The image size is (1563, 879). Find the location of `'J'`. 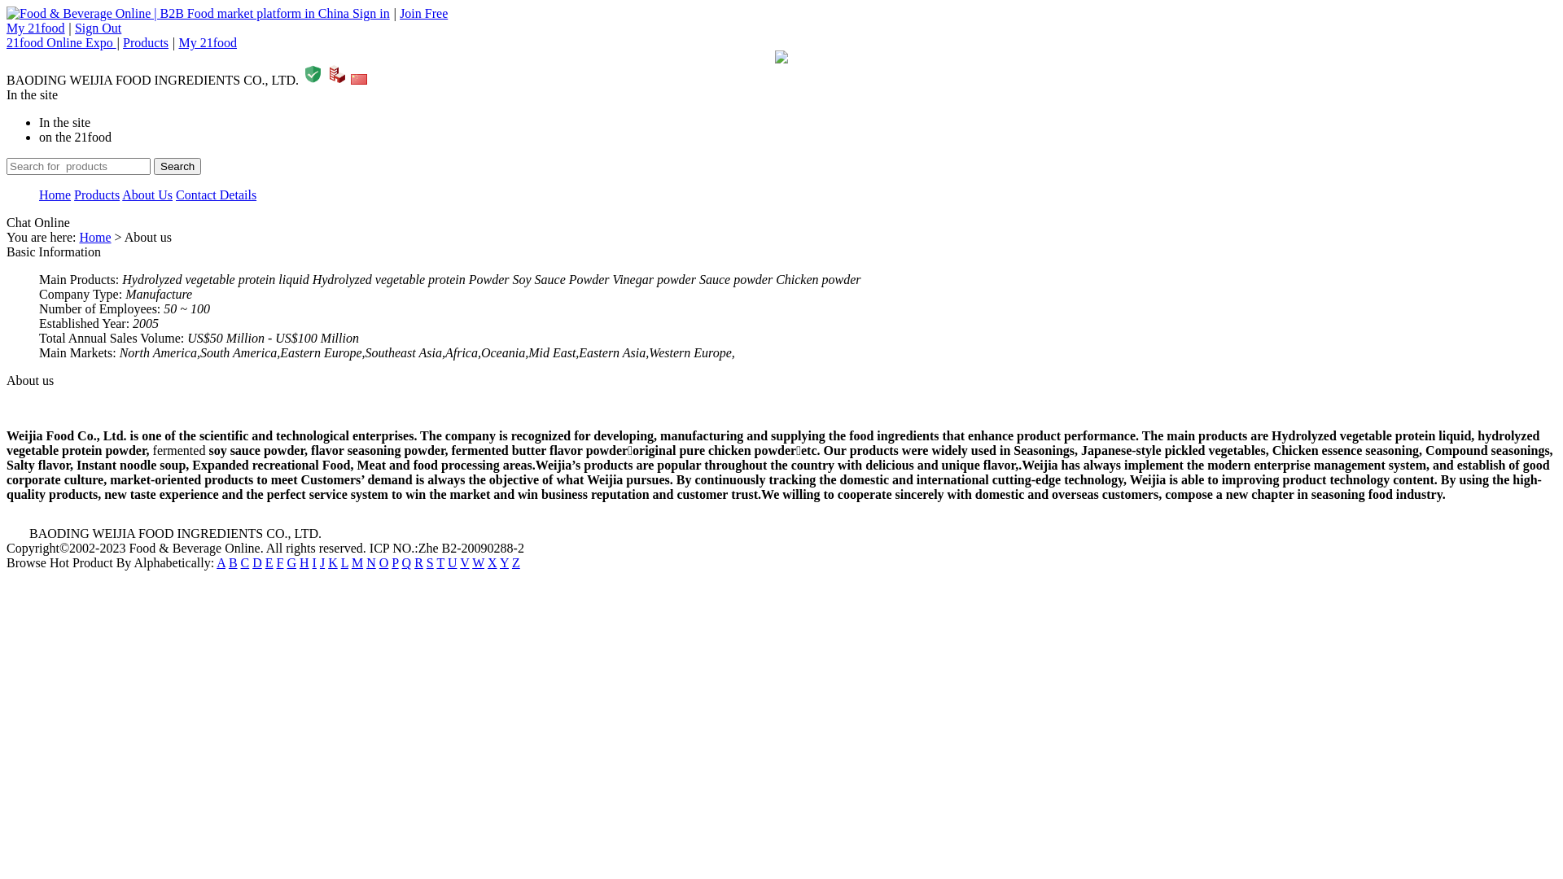

'J' is located at coordinates (322, 562).